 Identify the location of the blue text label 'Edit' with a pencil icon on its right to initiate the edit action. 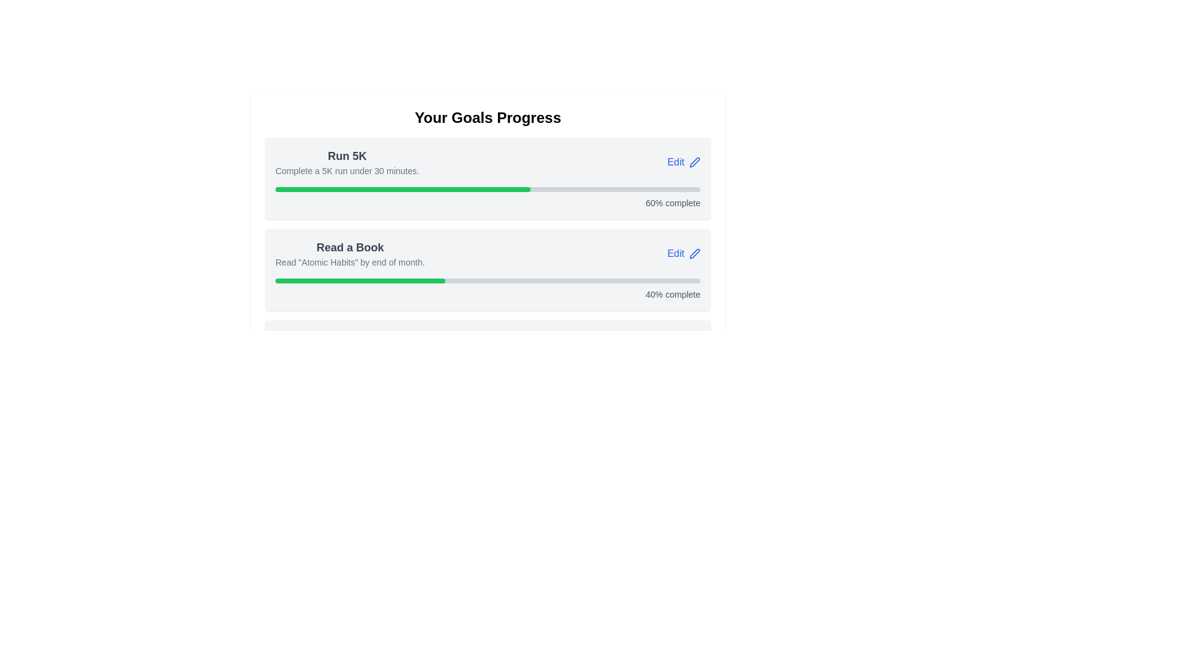
(683, 253).